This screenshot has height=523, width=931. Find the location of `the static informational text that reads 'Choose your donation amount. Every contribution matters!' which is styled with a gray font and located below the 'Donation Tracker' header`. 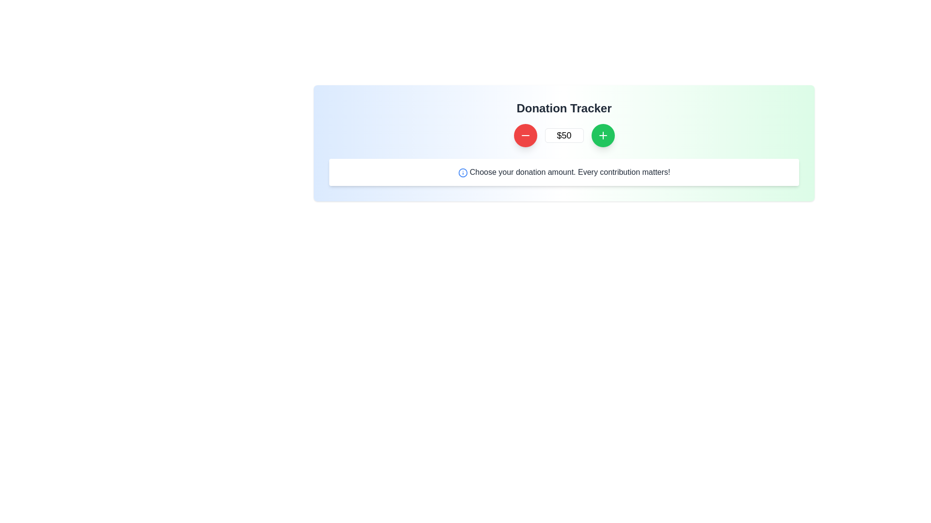

the static informational text that reads 'Choose your donation amount. Every contribution matters!' which is styled with a gray font and located below the 'Donation Tracker' header is located at coordinates (564, 171).